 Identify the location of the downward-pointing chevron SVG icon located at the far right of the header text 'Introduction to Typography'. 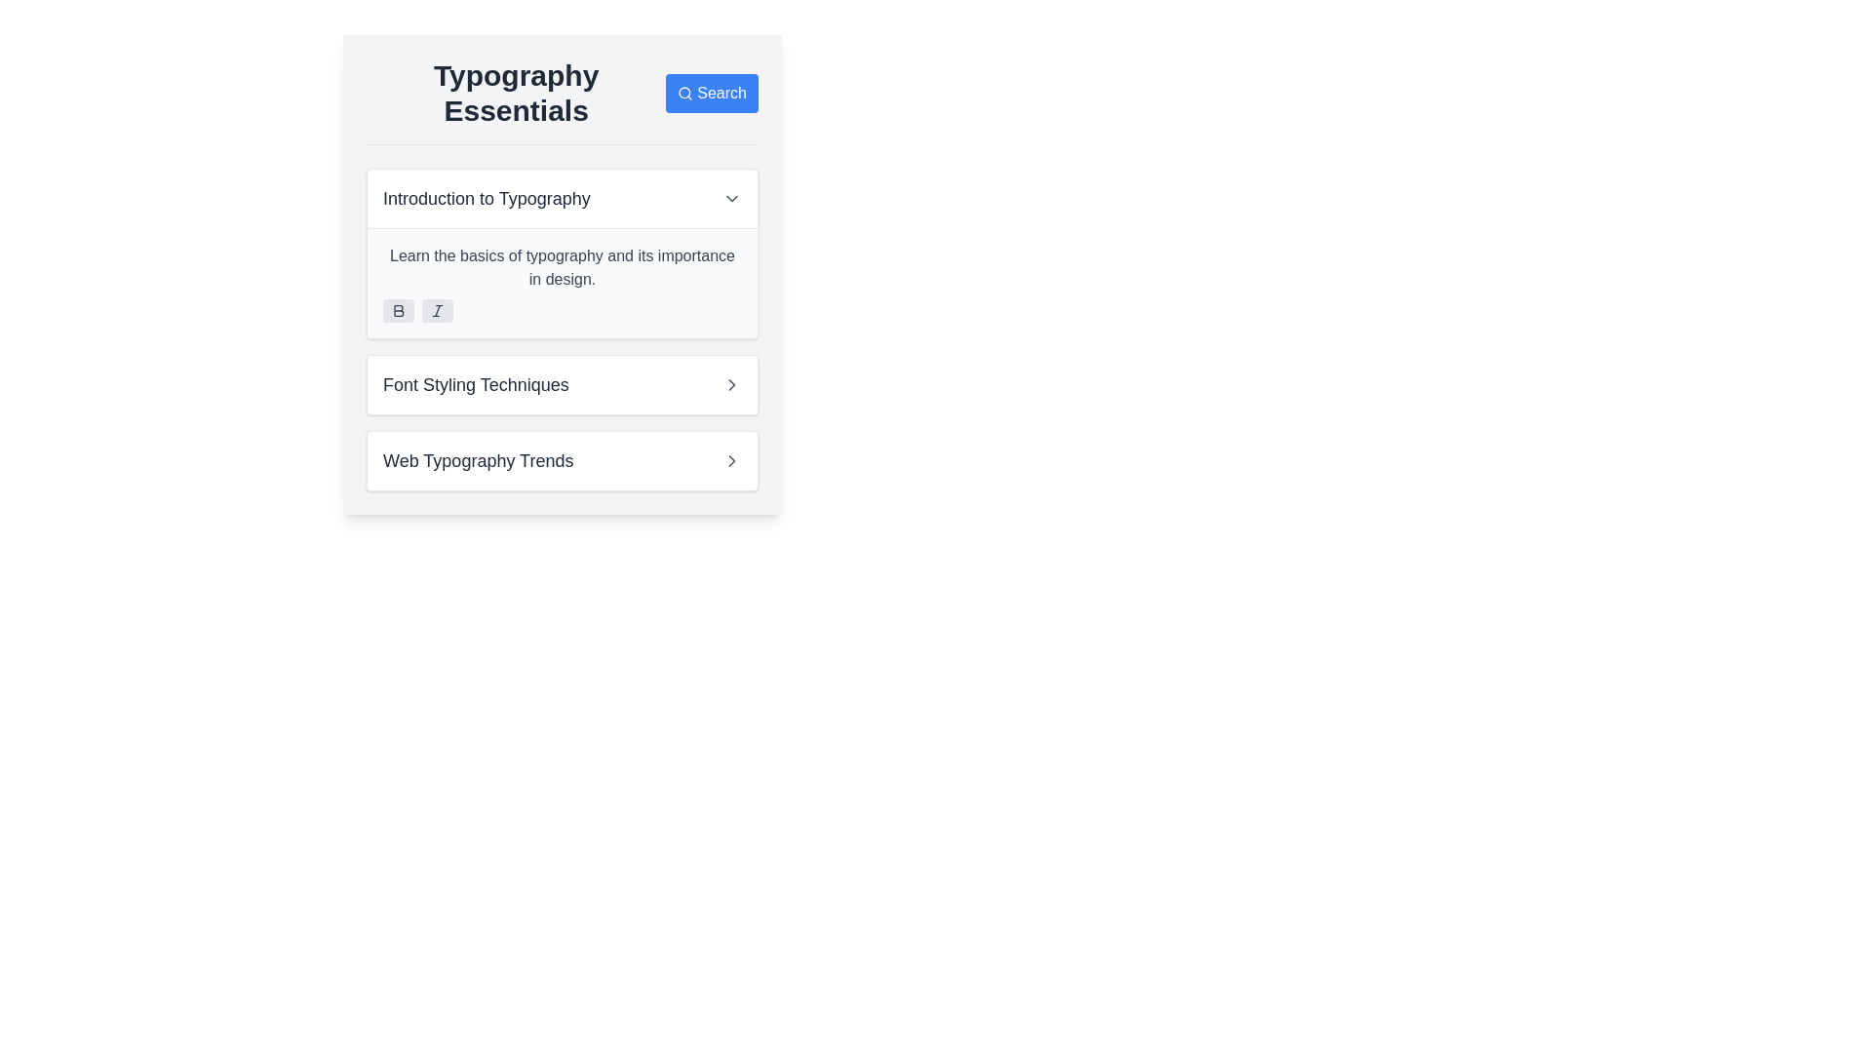
(730, 199).